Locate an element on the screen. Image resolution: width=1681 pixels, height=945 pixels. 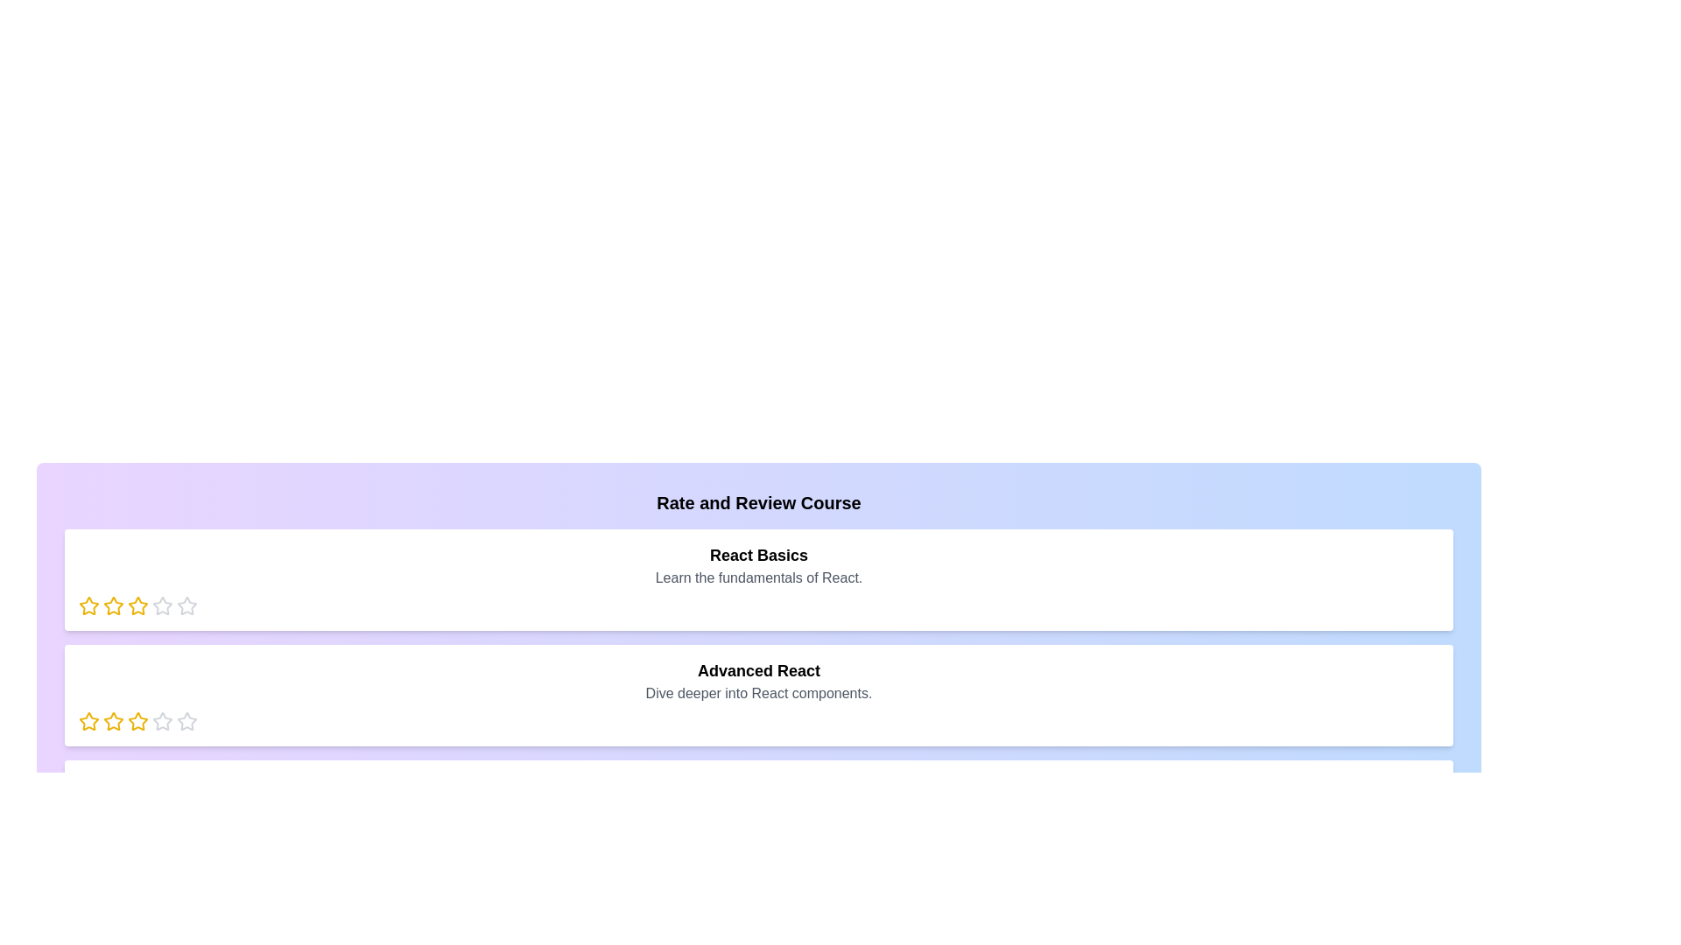
the second star in the rating component of the 'Advanced React' course card is located at coordinates (112, 721).